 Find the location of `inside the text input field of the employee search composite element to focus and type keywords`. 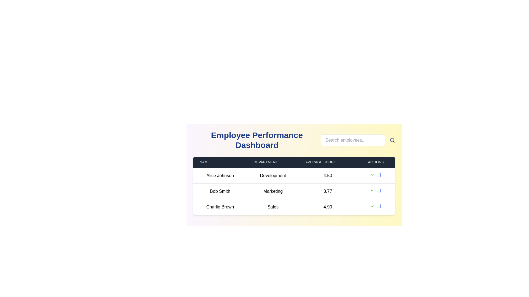

inside the text input field of the employee search composite element to focus and type keywords is located at coordinates (358, 140).